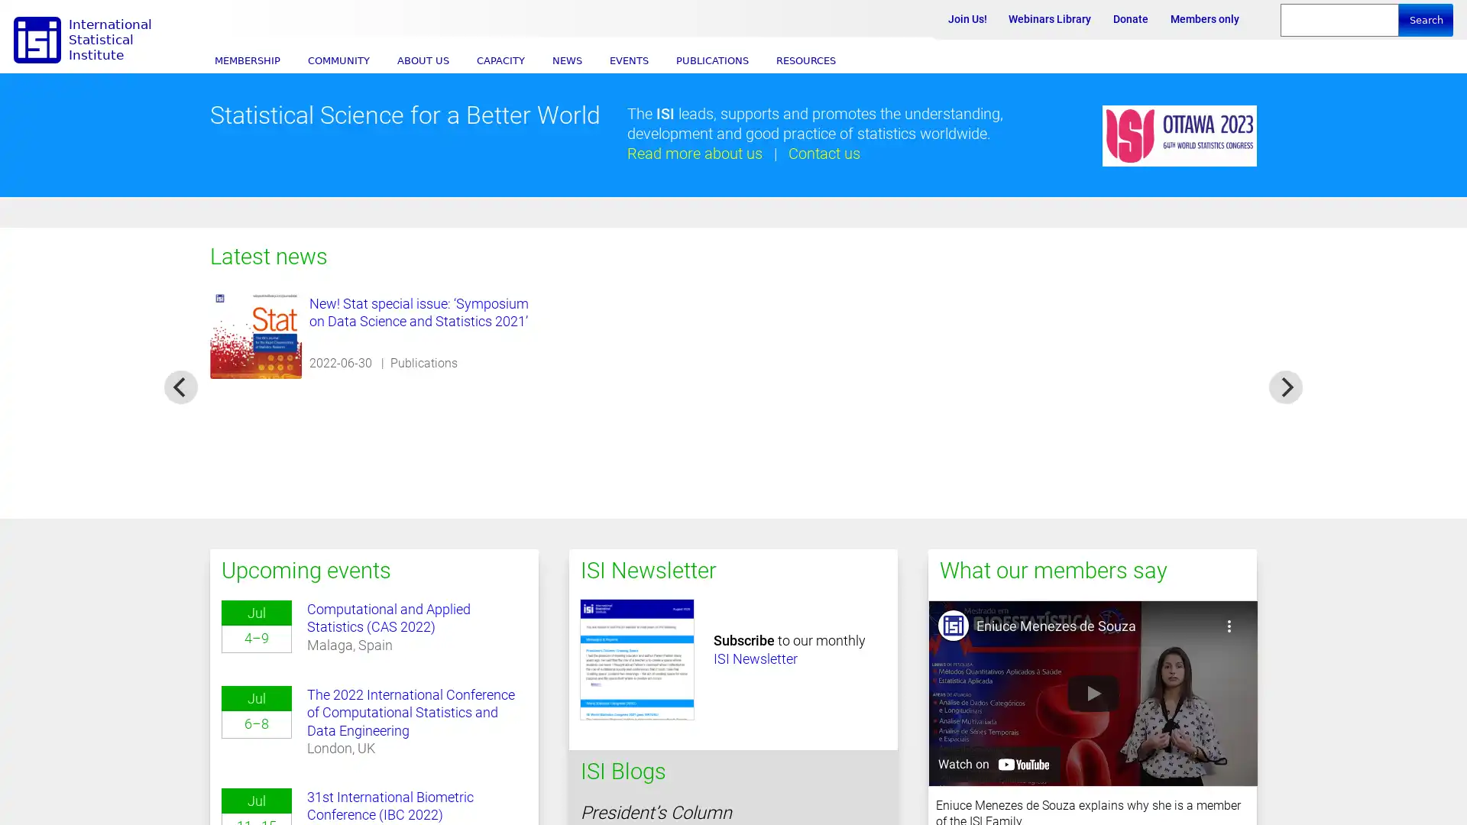 This screenshot has width=1467, height=825. What do you see at coordinates (1425, 20) in the screenshot?
I see `Search` at bounding box center [1425, 20].